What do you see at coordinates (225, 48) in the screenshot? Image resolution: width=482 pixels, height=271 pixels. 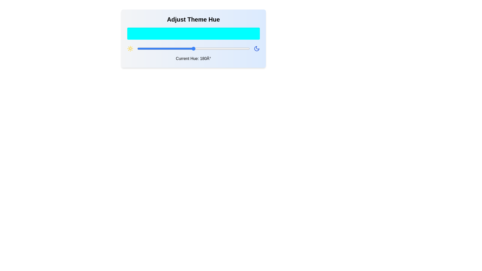 I see `the hue slider to set the hue to 284 degrees` at bounding box center [225, 48].